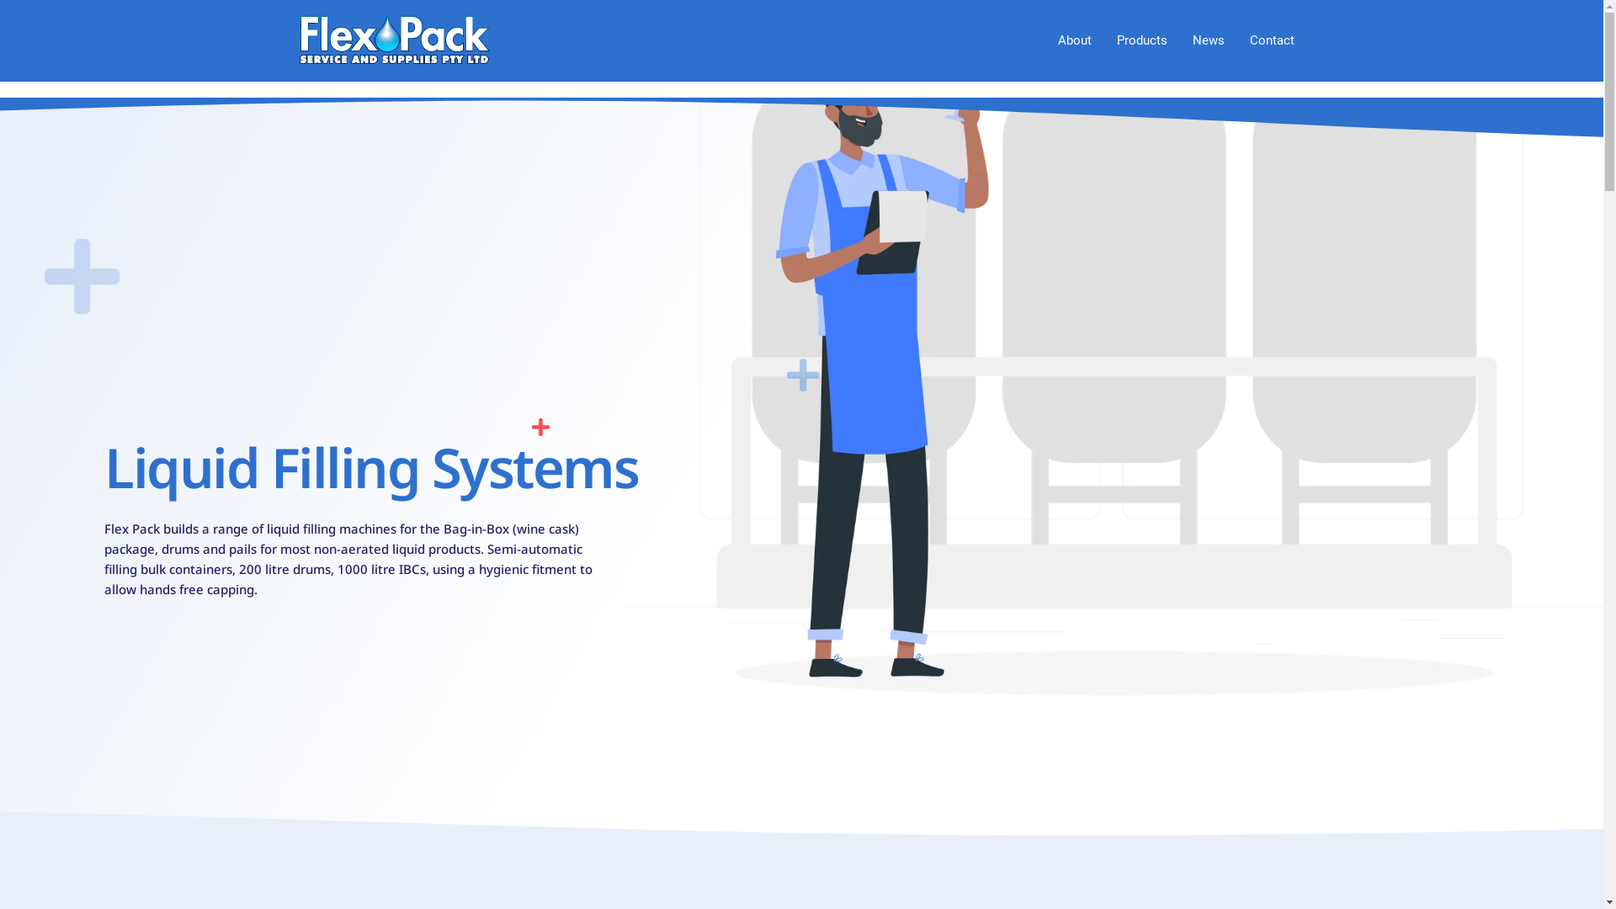  What do you see at coordinates (1073, 39) in the screenshot?
I see `'About'` at bounding box center [1073, 39].